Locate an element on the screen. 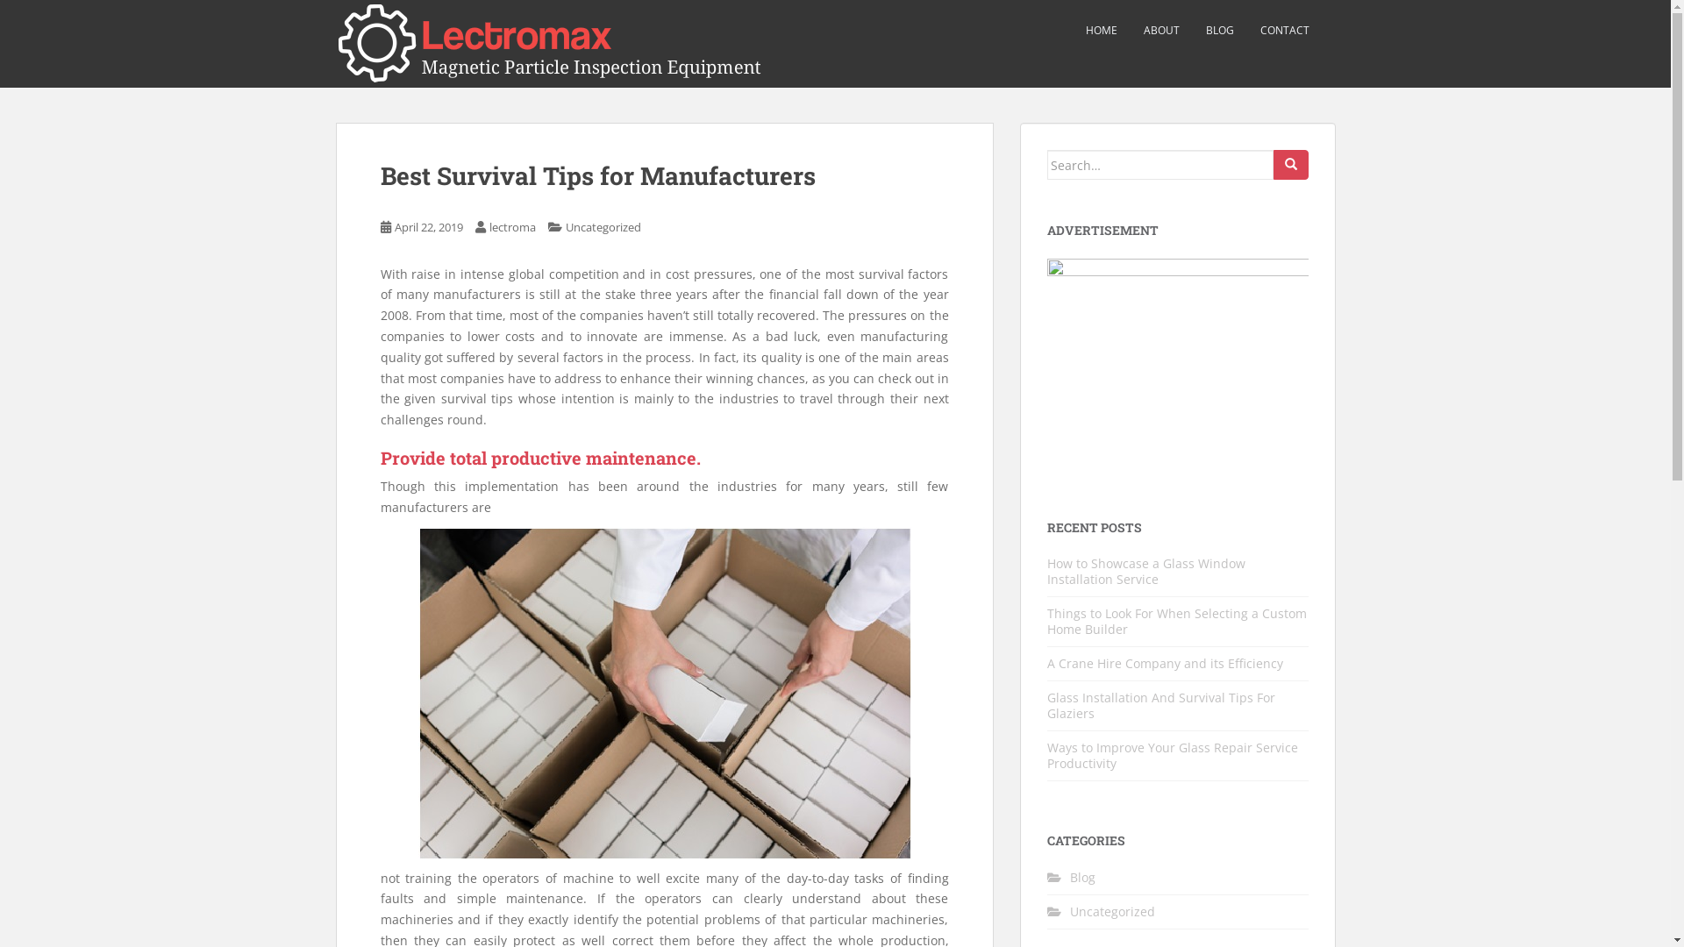  'Uncategorized' is located at coordinates (602, 225).